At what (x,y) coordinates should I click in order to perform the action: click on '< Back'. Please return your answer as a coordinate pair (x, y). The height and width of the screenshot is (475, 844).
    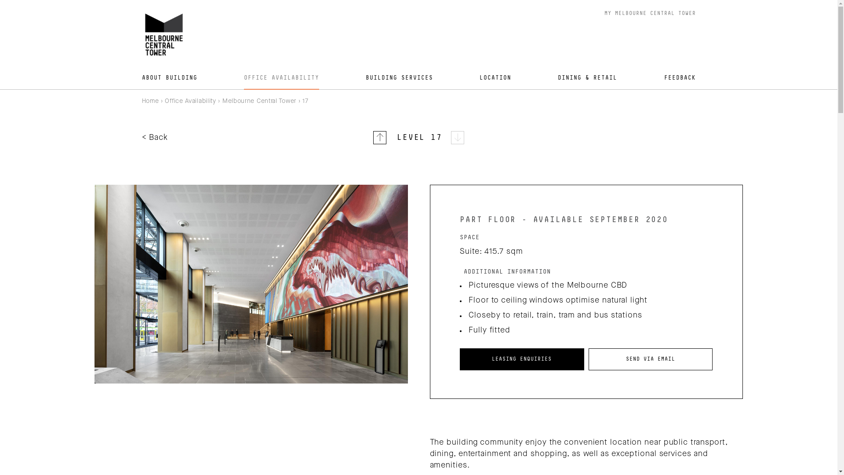
    Looking at the image, I should click on (154, 137).